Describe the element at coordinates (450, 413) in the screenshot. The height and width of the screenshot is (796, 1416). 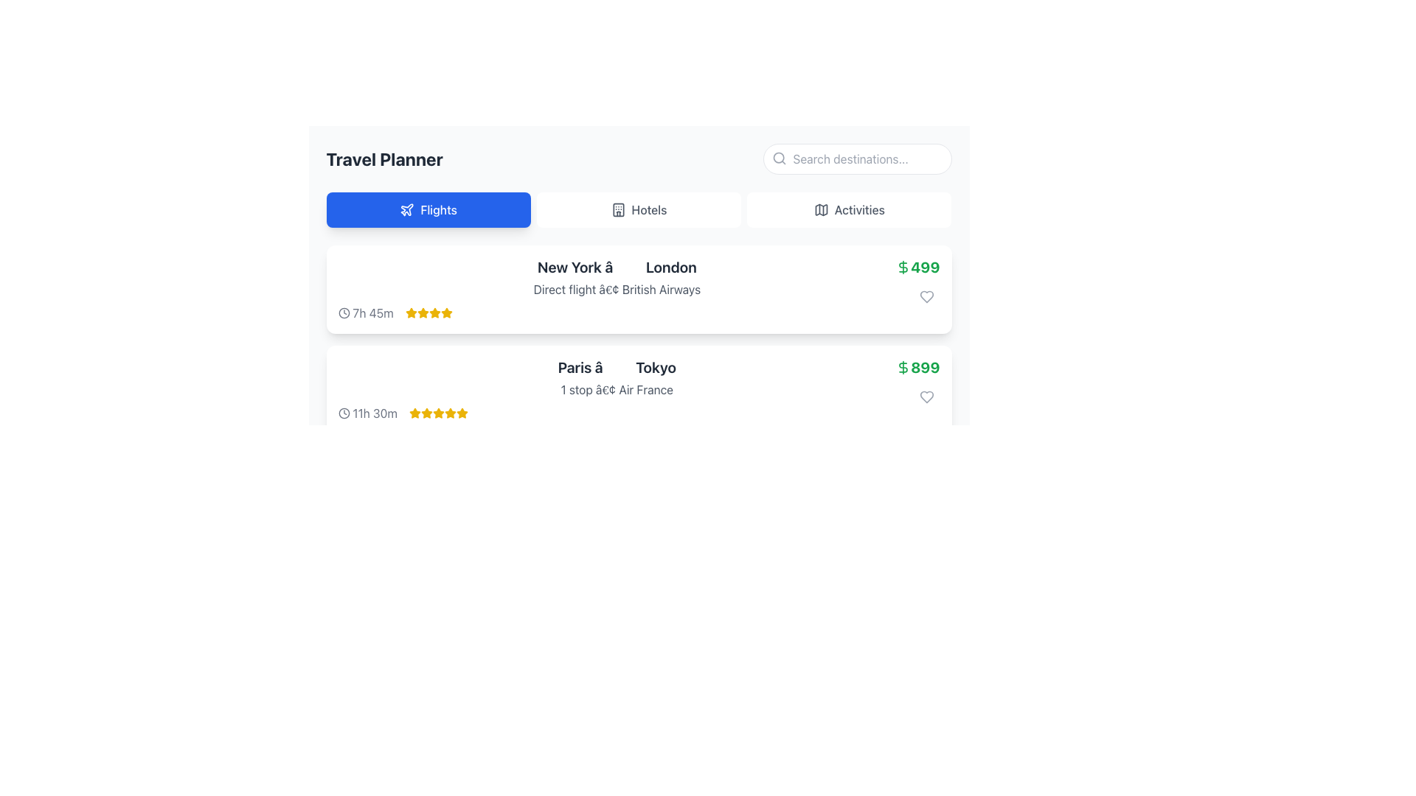
I see `the fourth gold star-shaped icon in the rating system for the travel option 'Paris to Tokyo'` at that location.